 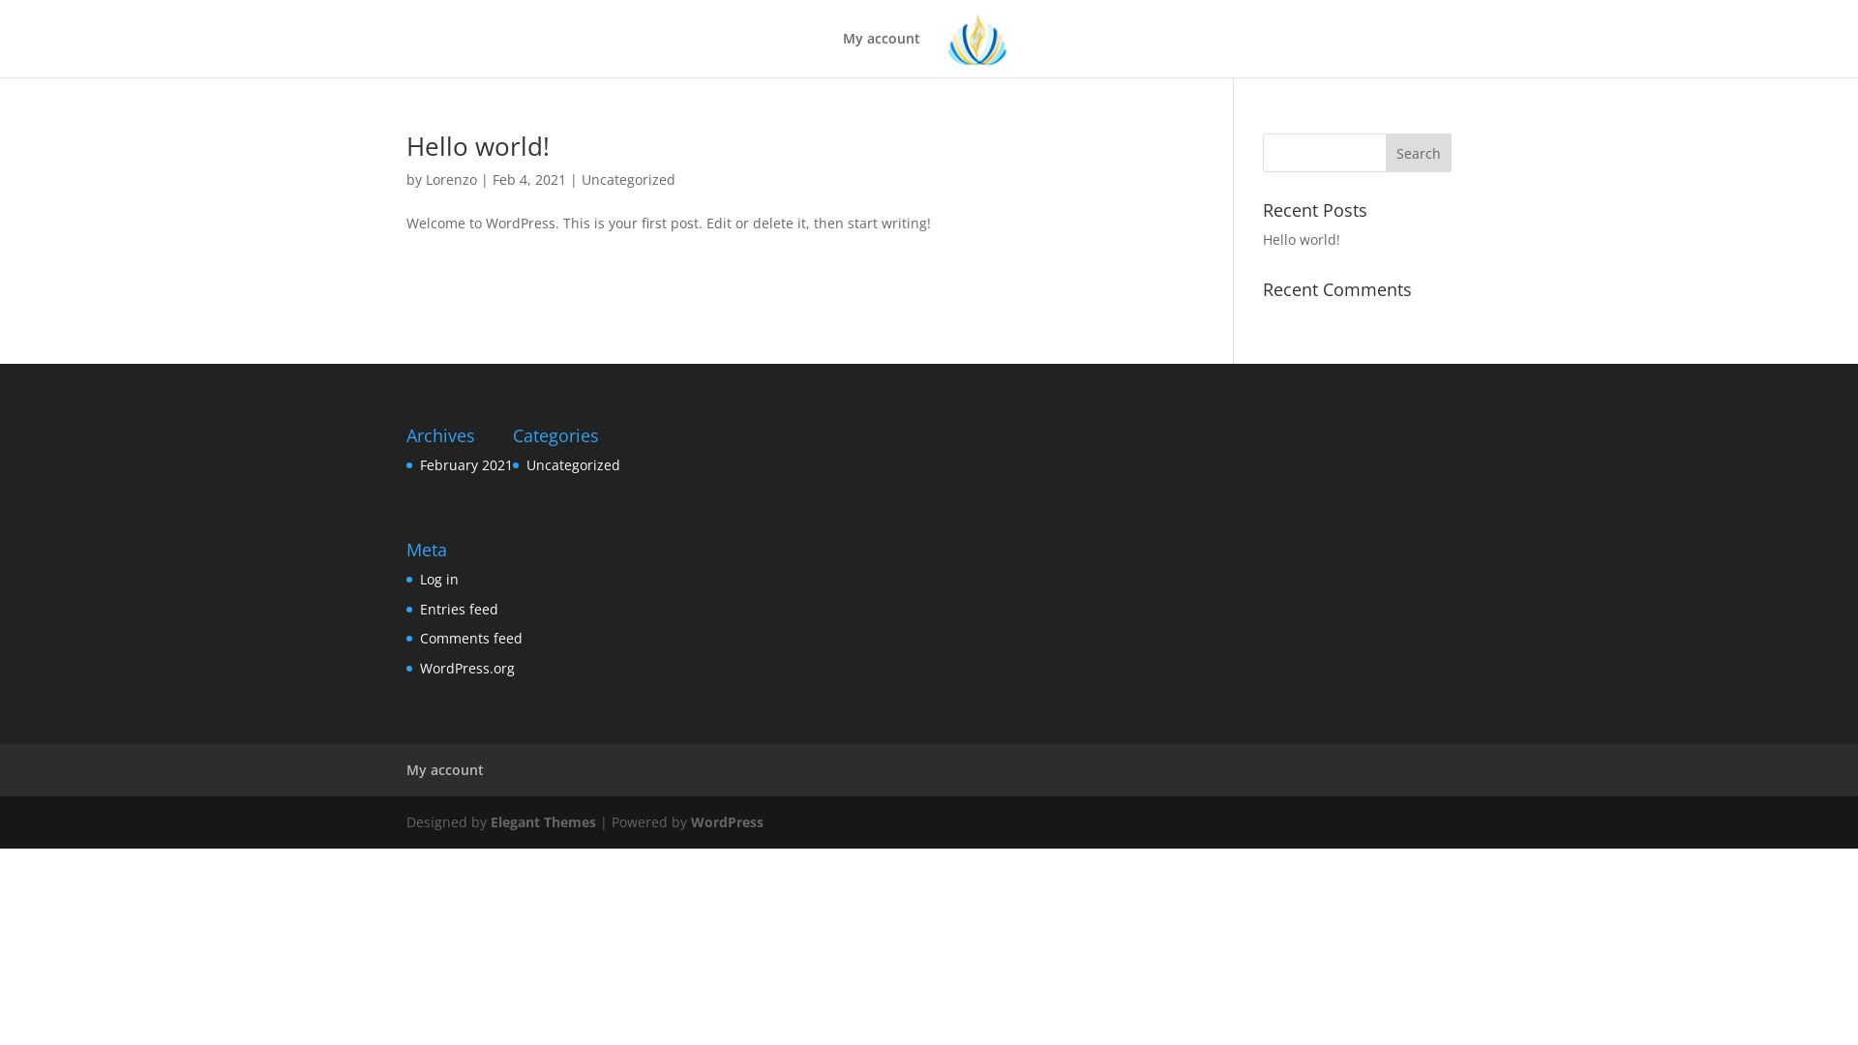 What do you see at coordinates (470, 638) in the screenshot?
I see `'Comments feed'` at bounding box center [470, 638].